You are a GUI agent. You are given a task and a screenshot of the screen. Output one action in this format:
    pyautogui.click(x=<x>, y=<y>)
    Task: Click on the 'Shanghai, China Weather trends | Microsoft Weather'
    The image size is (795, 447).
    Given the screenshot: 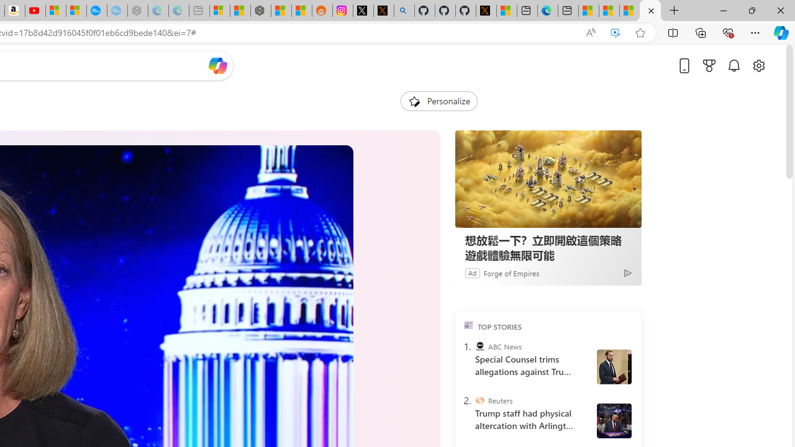 What is the action you would take?
    pyautogui.click(x=301, y=11)
    